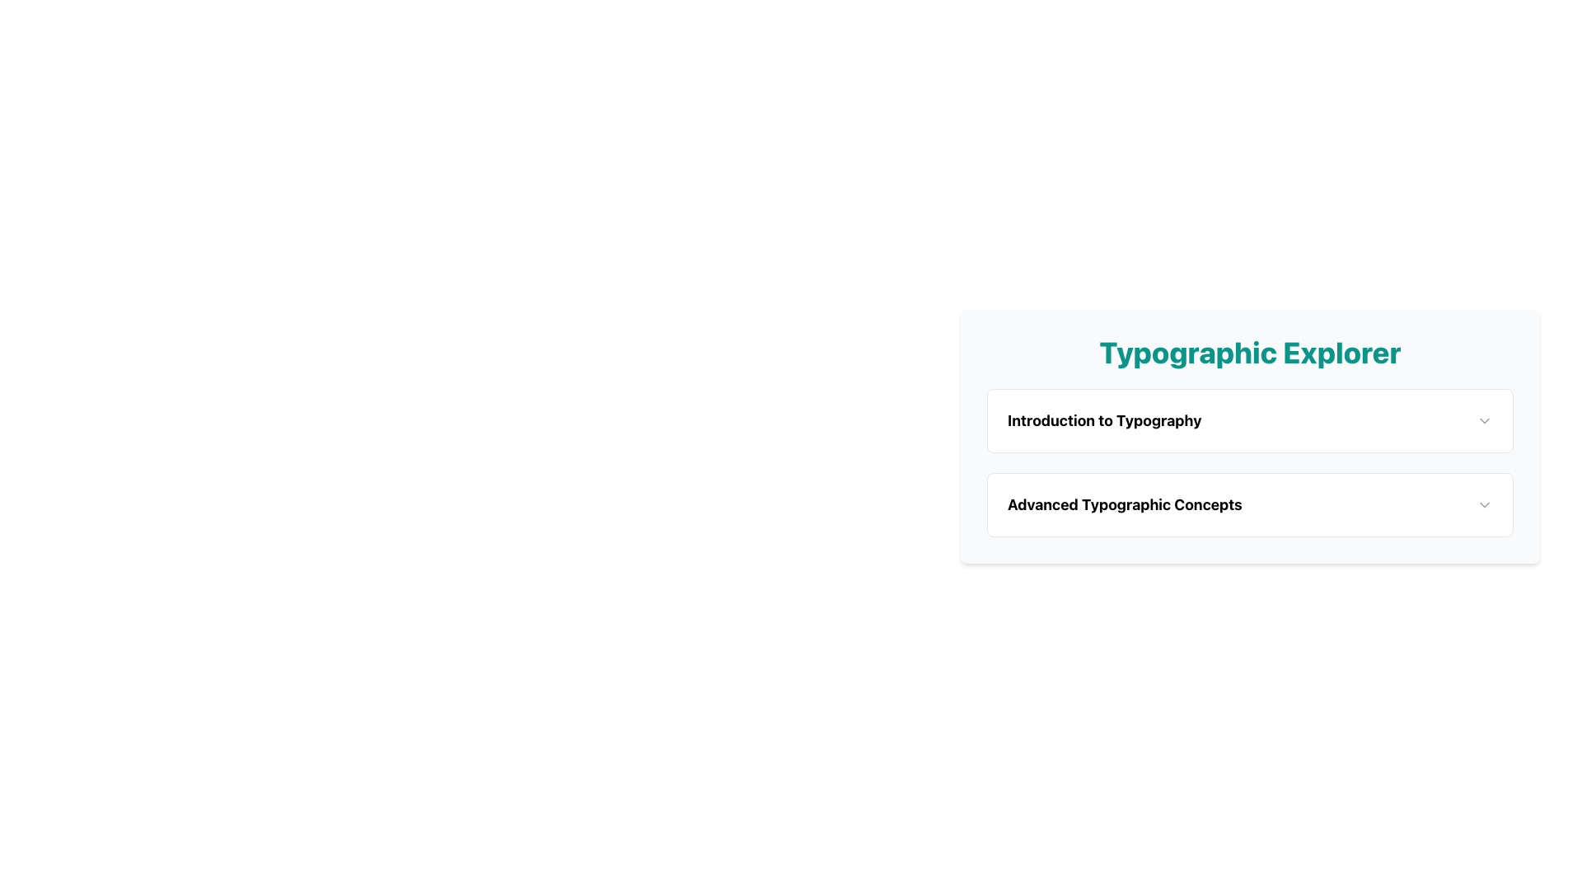 This screenshot has width=1582, height=890. What do you see at coordinates (1250, 419) in the screenshot?
I see `the 'Introduction to Typography' dropdown menu button` at bounding box center [1250, 419].